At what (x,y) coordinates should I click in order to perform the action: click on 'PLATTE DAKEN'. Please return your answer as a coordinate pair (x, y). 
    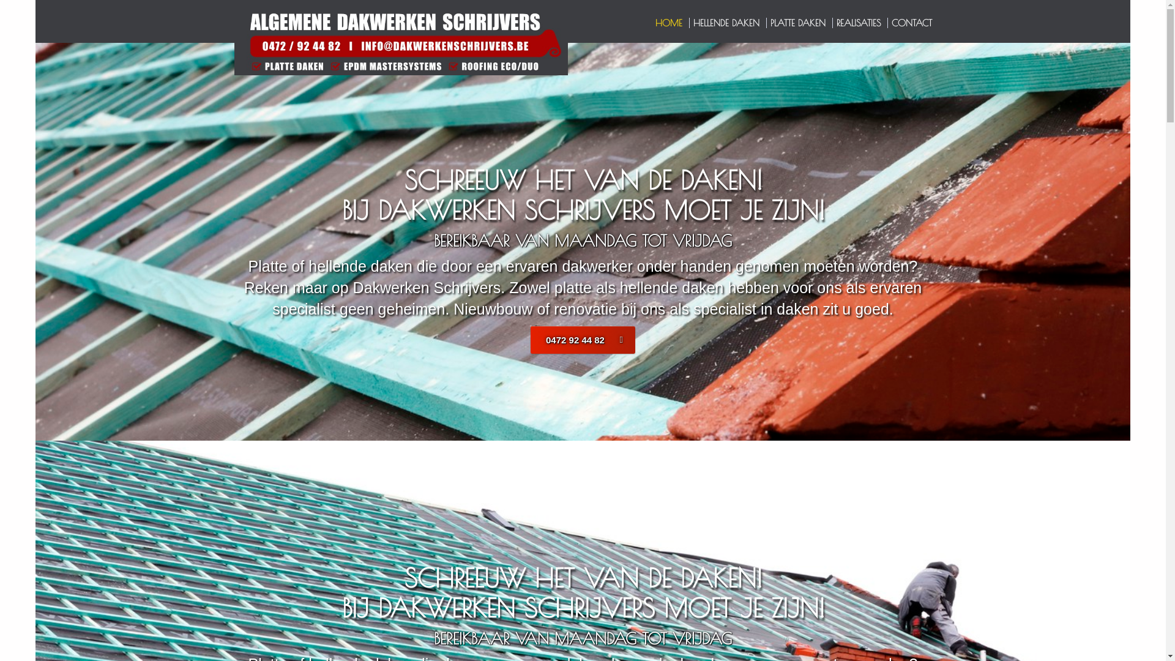
    Looking at the image, I should click on (799, 23).